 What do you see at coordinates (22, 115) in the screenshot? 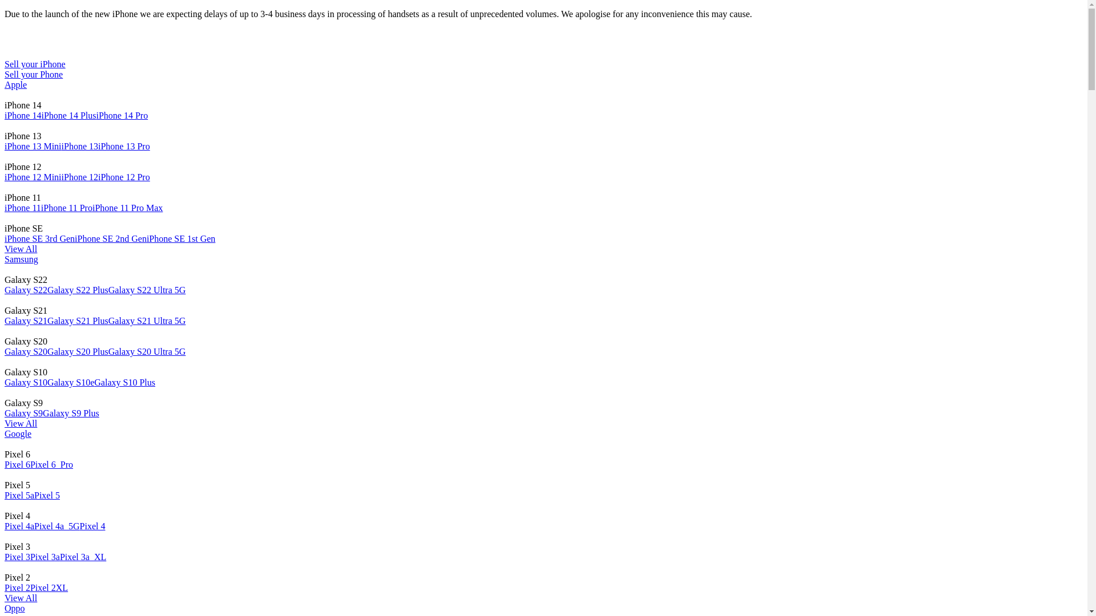
I see `'iPhone 14'` at bounding box center [22, 115].